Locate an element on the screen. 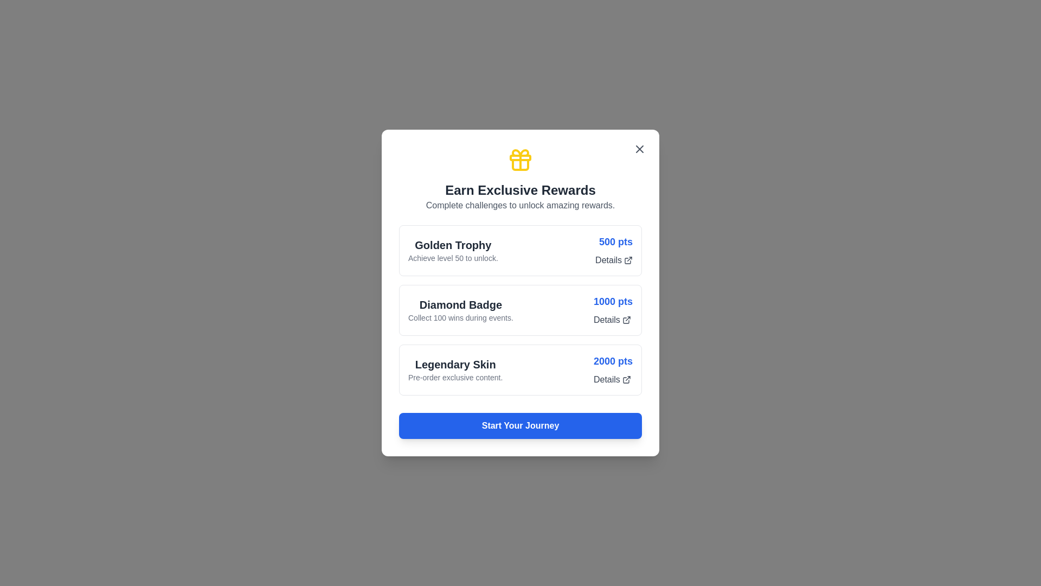  reward points displayed in the Text and Icon Group for the 'Golden Trophy' card, specifically the '500 pts' text located at the rightmost area of the card is located at coordinates (614, 251).